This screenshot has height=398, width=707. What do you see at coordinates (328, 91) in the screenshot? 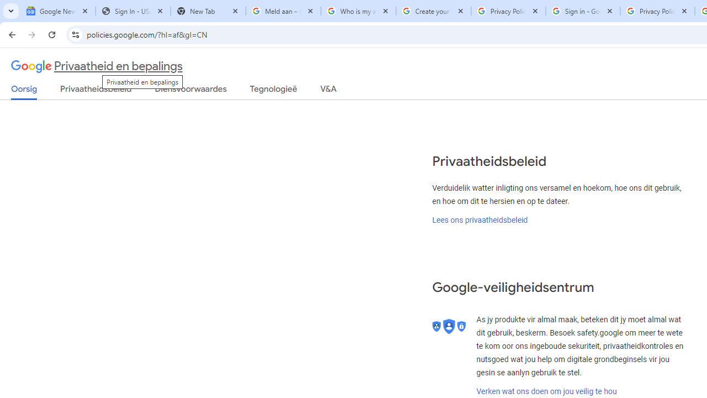
I see `'V&A'` at bounding box center [328, 91].